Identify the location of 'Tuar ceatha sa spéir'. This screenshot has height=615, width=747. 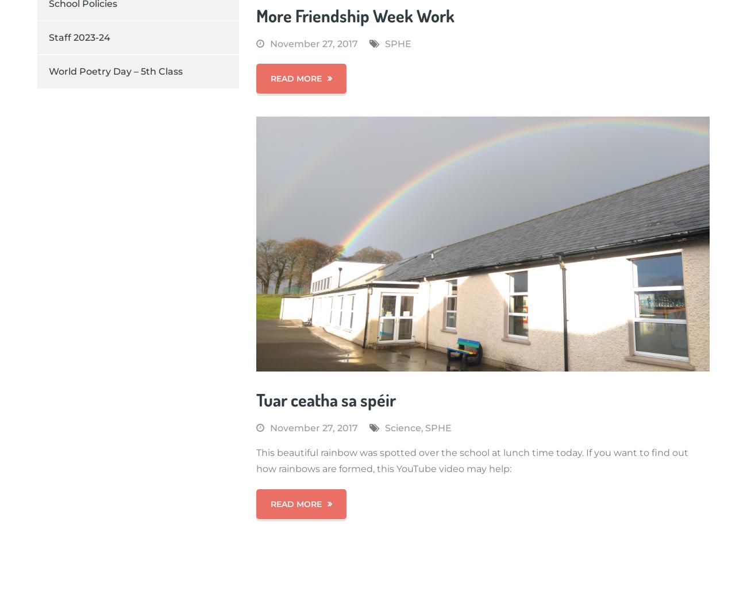
(325, 399).